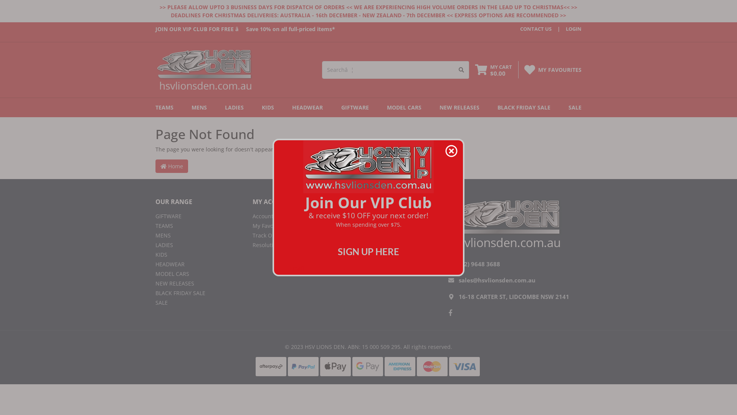 This screenshot has height=415, width=737. What do you see at coordinates (155, 283) in the screenshot?
I see `'NEW RELEASES'` at bounding box center [155, 283].